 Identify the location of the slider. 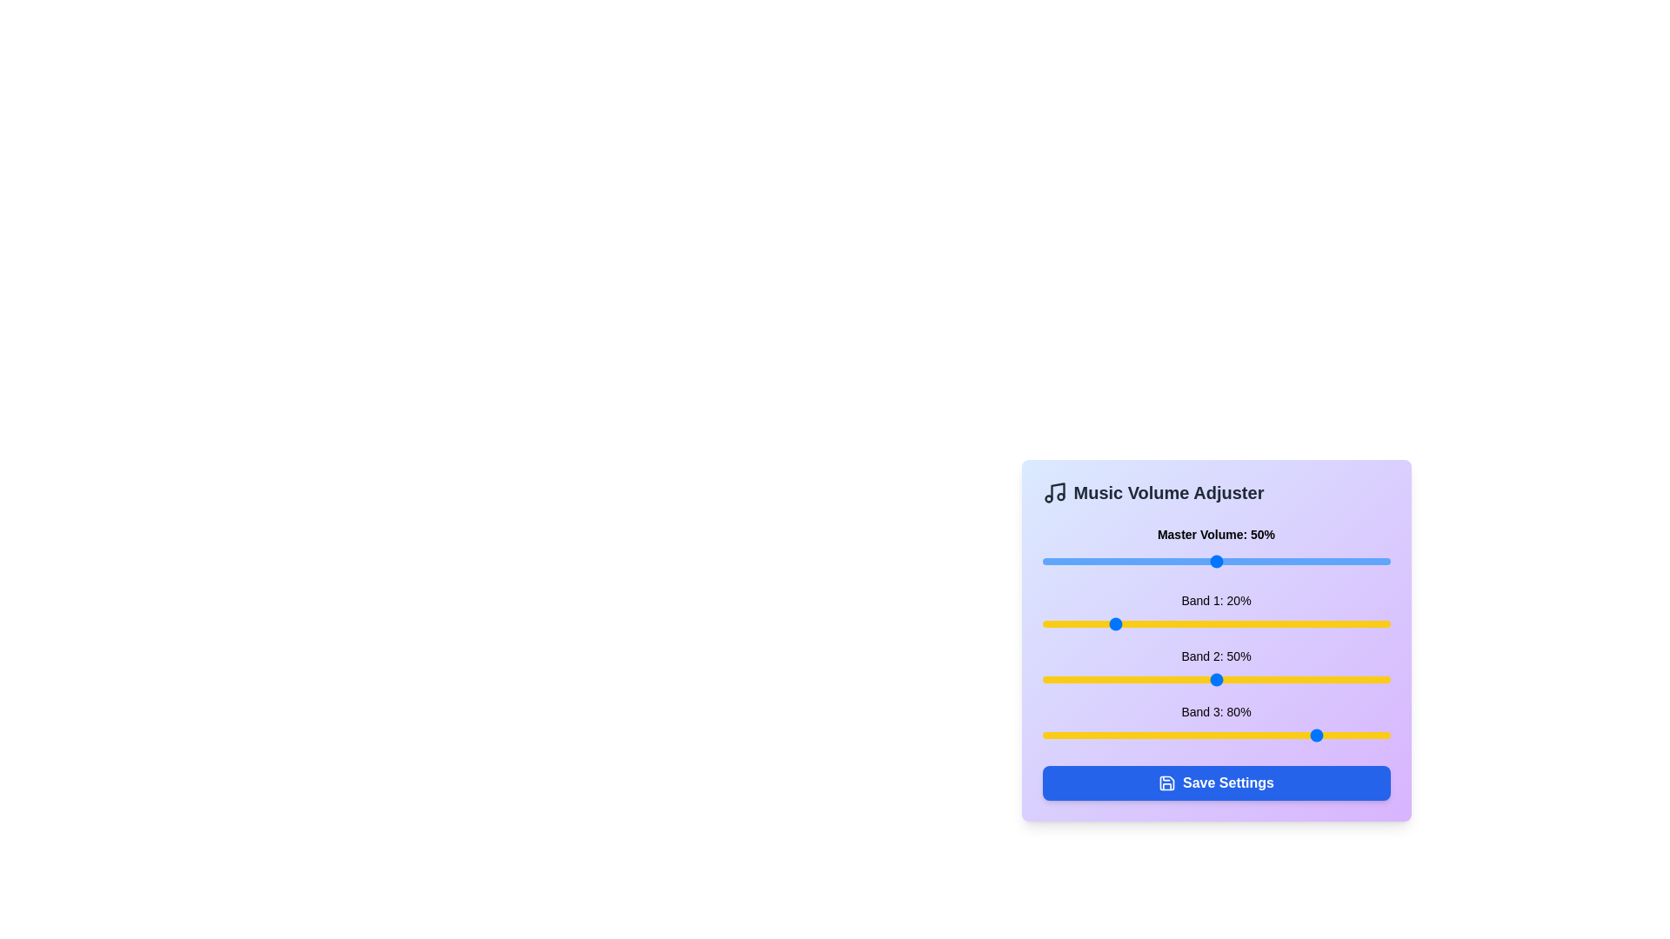
(1069, 561).